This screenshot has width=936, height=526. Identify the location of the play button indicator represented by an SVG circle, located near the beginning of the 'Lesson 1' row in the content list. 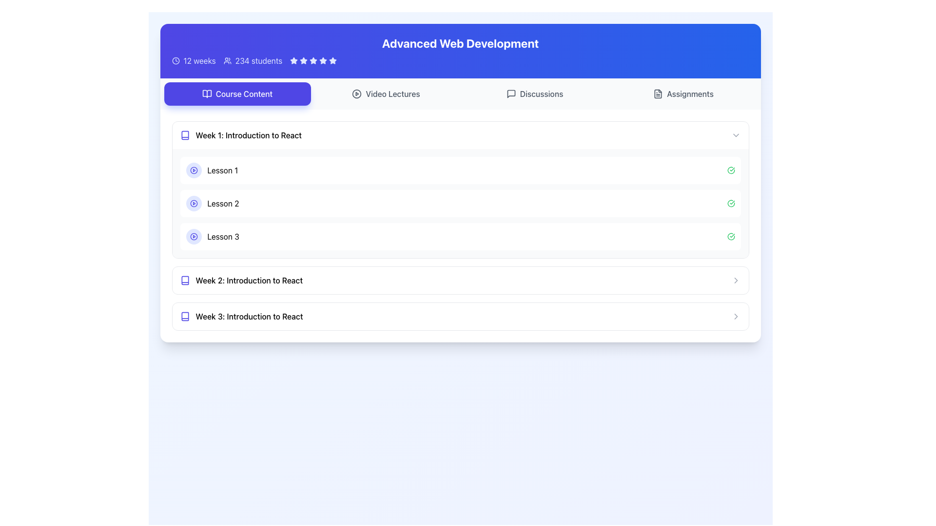
(194, 170).